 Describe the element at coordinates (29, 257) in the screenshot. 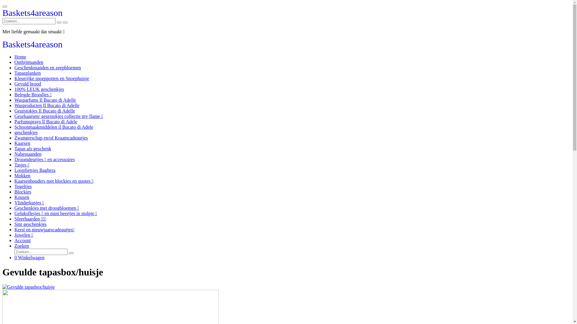

I see `'0 Winkelwagen'` at that location.